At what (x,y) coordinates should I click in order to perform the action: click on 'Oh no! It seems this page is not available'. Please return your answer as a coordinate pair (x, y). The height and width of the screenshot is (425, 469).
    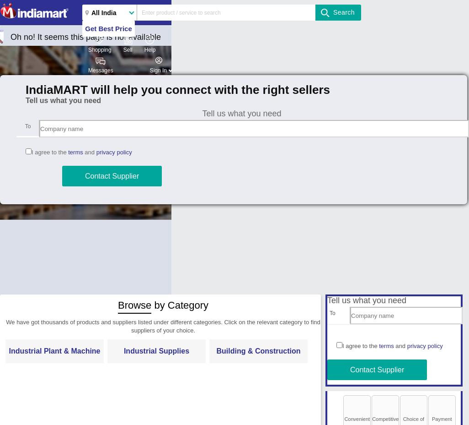
    Looking at the image, I should click on (85, 37).